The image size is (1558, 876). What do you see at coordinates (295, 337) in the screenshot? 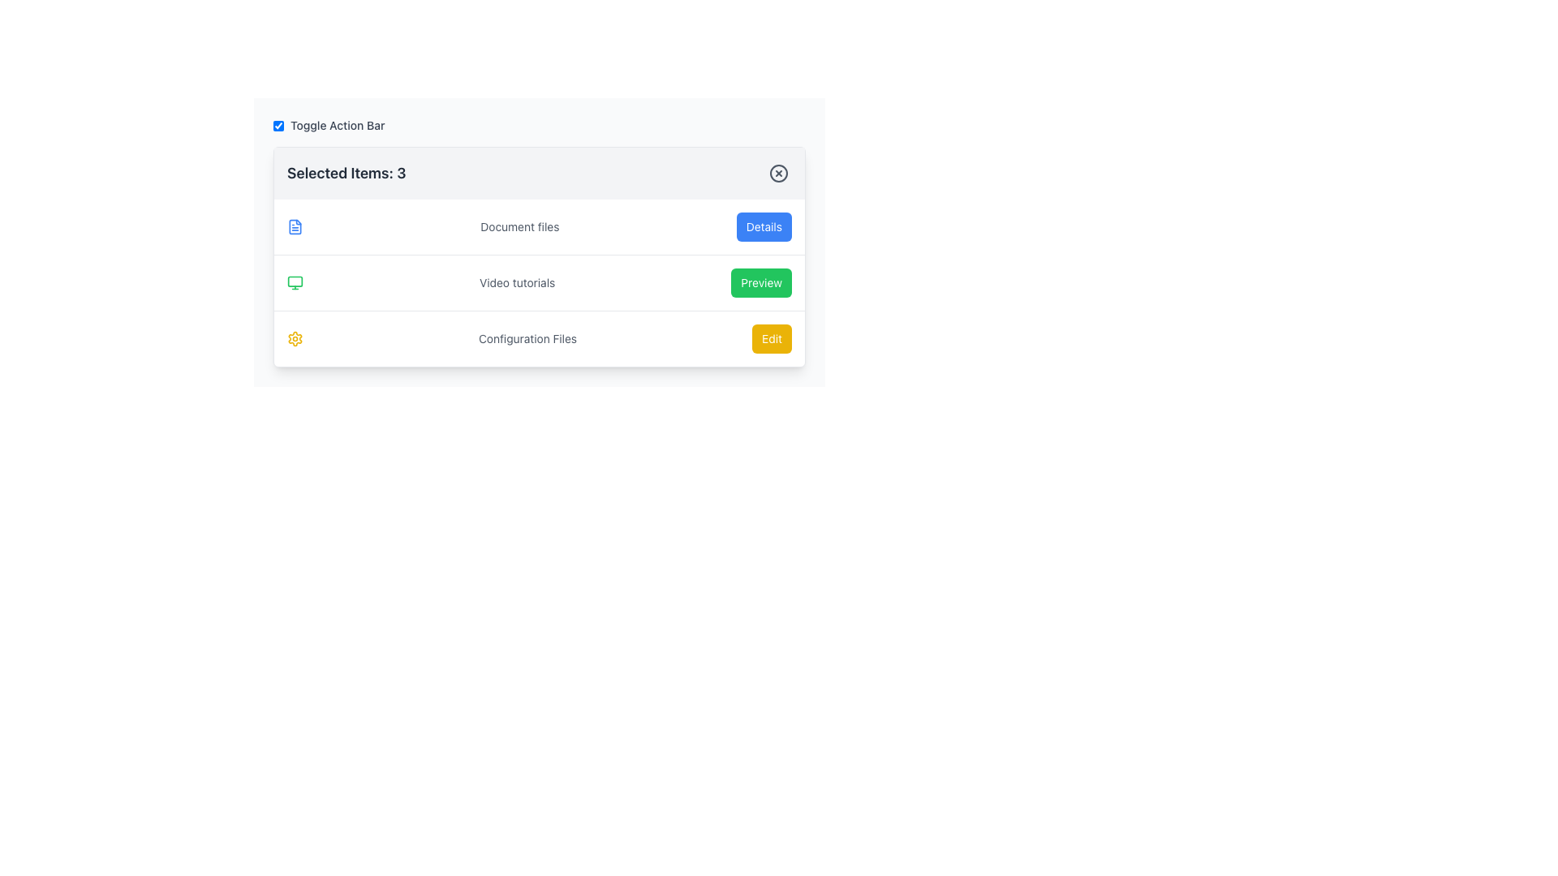
I see `the yellow gear-shaped icon located to the left of the 'Configuration Files' text label in the list interface` at bounding box center [295, 337].